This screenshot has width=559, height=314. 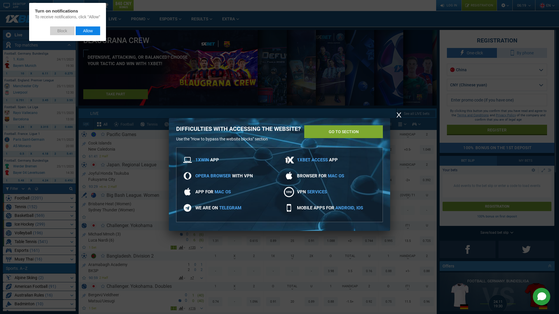 I want to click on 'GO TO SECTION', so click(x=344, y=131).